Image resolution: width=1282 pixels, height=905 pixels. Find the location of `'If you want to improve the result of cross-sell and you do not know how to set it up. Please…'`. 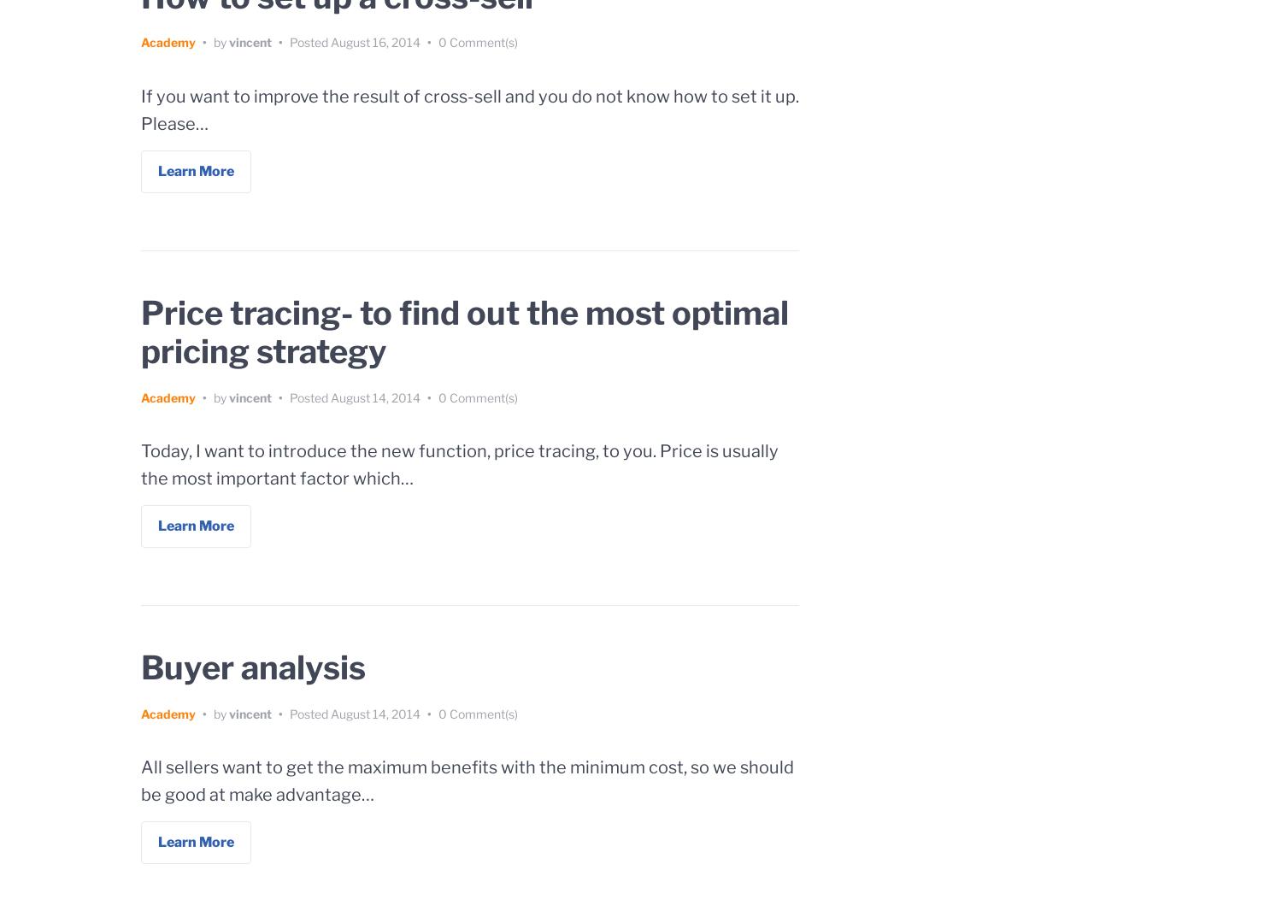

'If you want to improve the result of cross-sell and you do not know how to set it up. Please…' is located at coordinates (141, 109).